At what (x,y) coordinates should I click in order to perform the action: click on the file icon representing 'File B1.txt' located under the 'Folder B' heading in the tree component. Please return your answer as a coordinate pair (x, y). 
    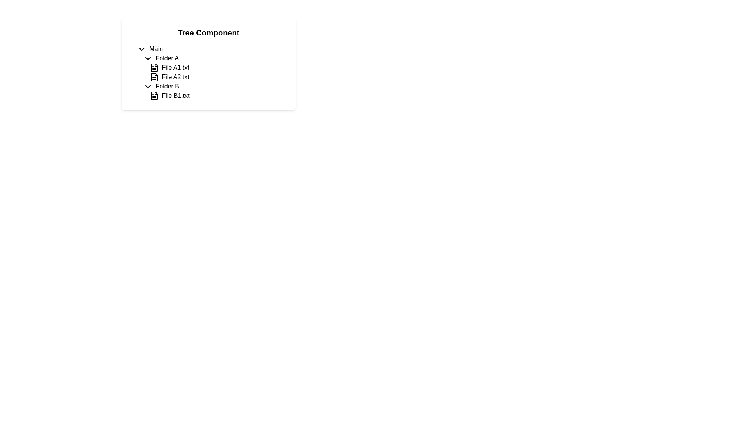
    Looking at the image, I should click on (154, 96).